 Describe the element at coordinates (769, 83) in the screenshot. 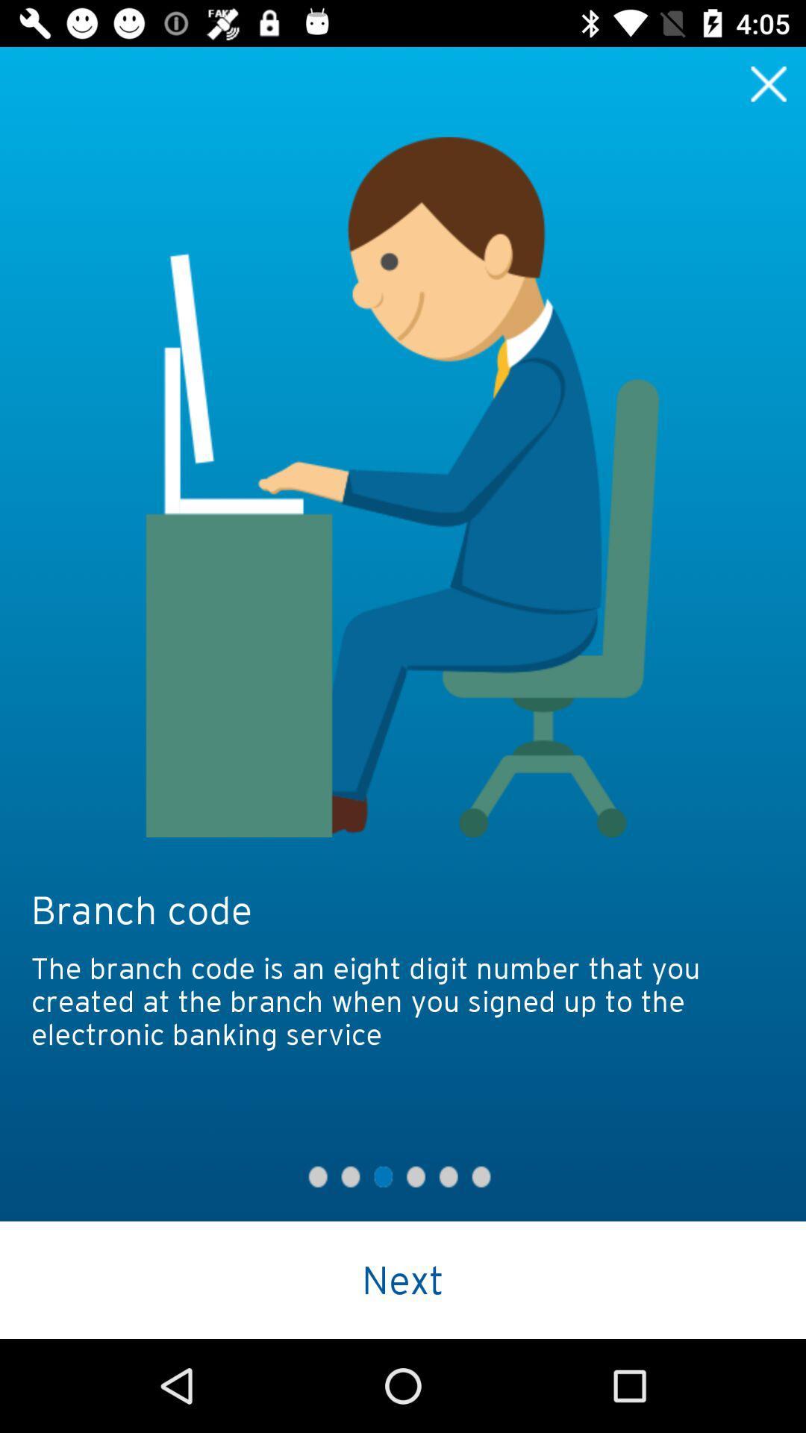

I see `close` at that location.